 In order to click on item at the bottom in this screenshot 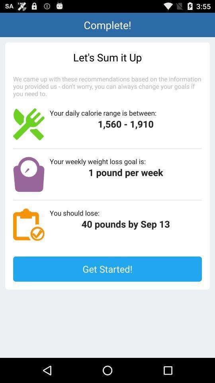, I will do `click(107, 269)`.